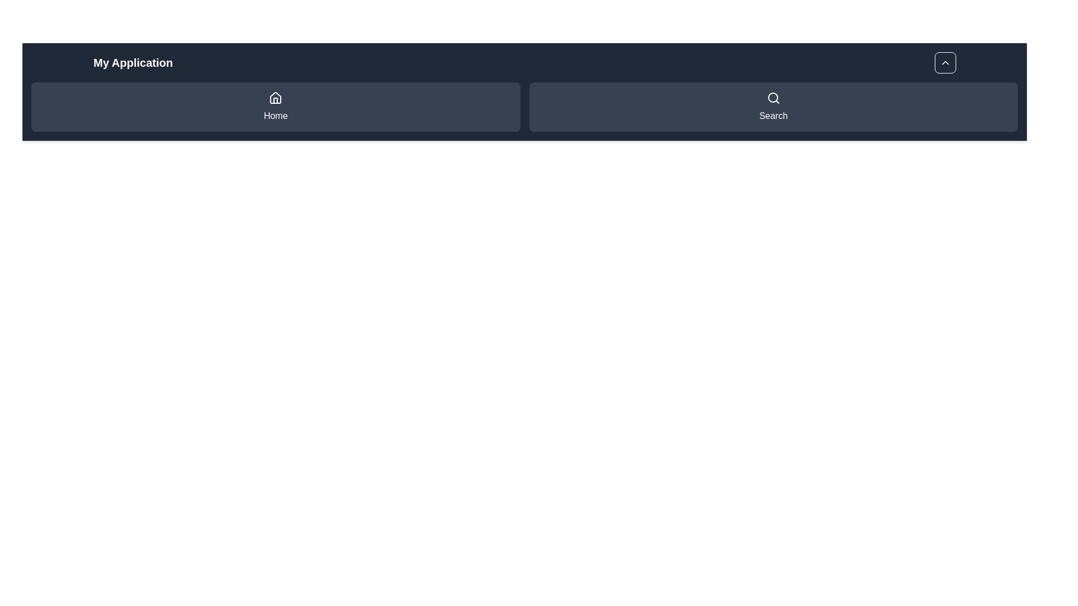 This screenshot has width=1078, height=606. I want to click on the 'Home' icon located in the top-left of the interface, within the first interactive tab of the navigation bar, so click(276, 97).